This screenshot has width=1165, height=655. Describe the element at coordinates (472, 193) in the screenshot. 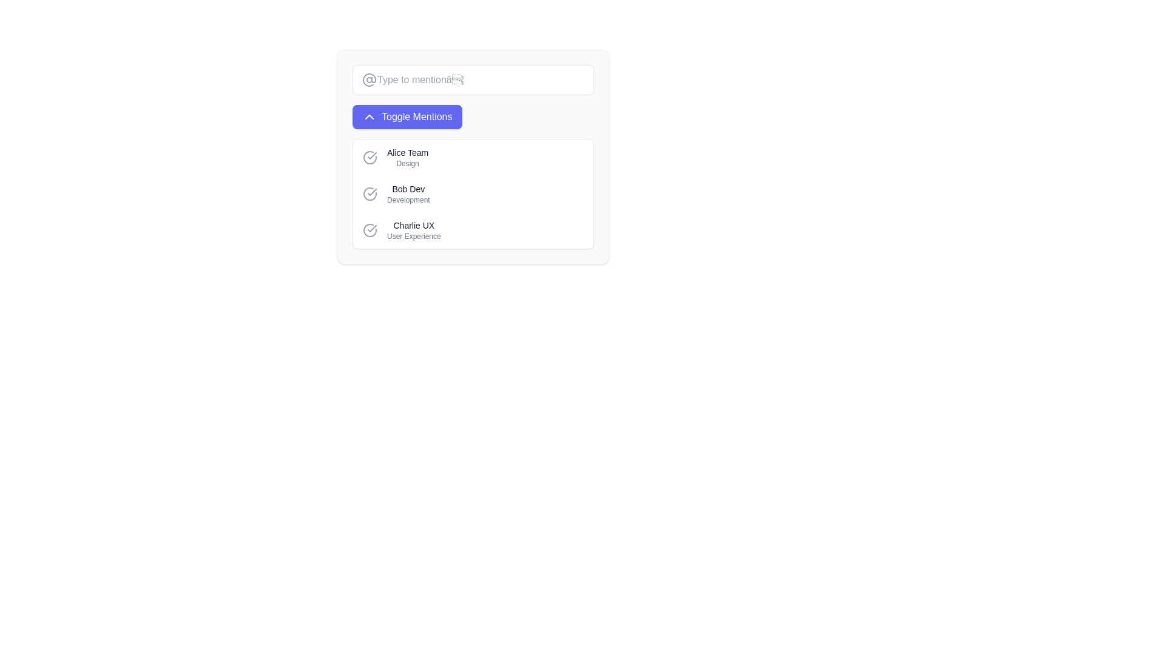

I see `the second list item representing a user or entity entry, which is positioned between 'Alice Team Design' and 'Charlie UX User Experience'` at that location.